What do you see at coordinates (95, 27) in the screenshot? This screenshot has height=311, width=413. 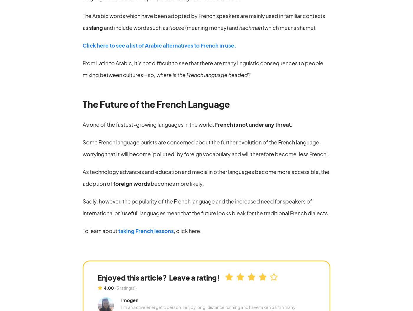 I see `'slang'` at bounding box center [95, 27].